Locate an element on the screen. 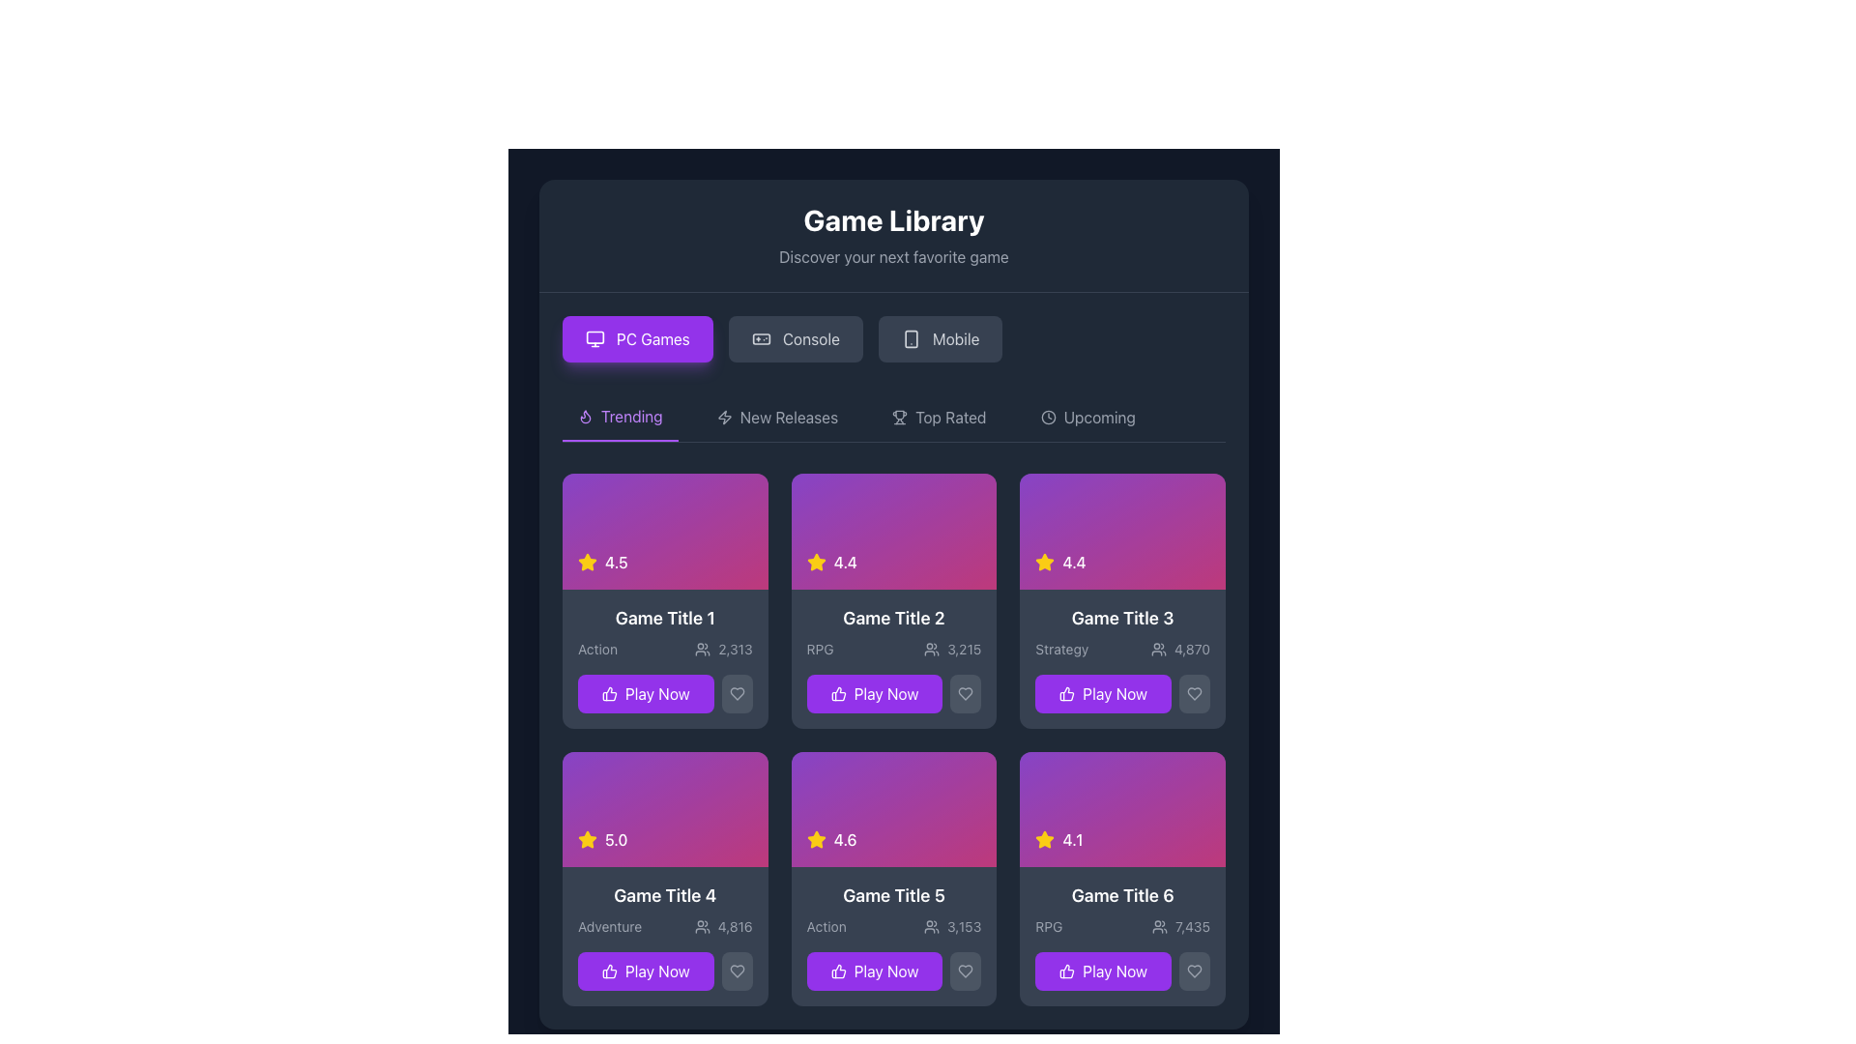 The image size is (1856, 1044). the heart icon located at the bottom-right corner of the card for 'Game Title 3' to mark it as a favorite is located at coordinates (1194, 692).